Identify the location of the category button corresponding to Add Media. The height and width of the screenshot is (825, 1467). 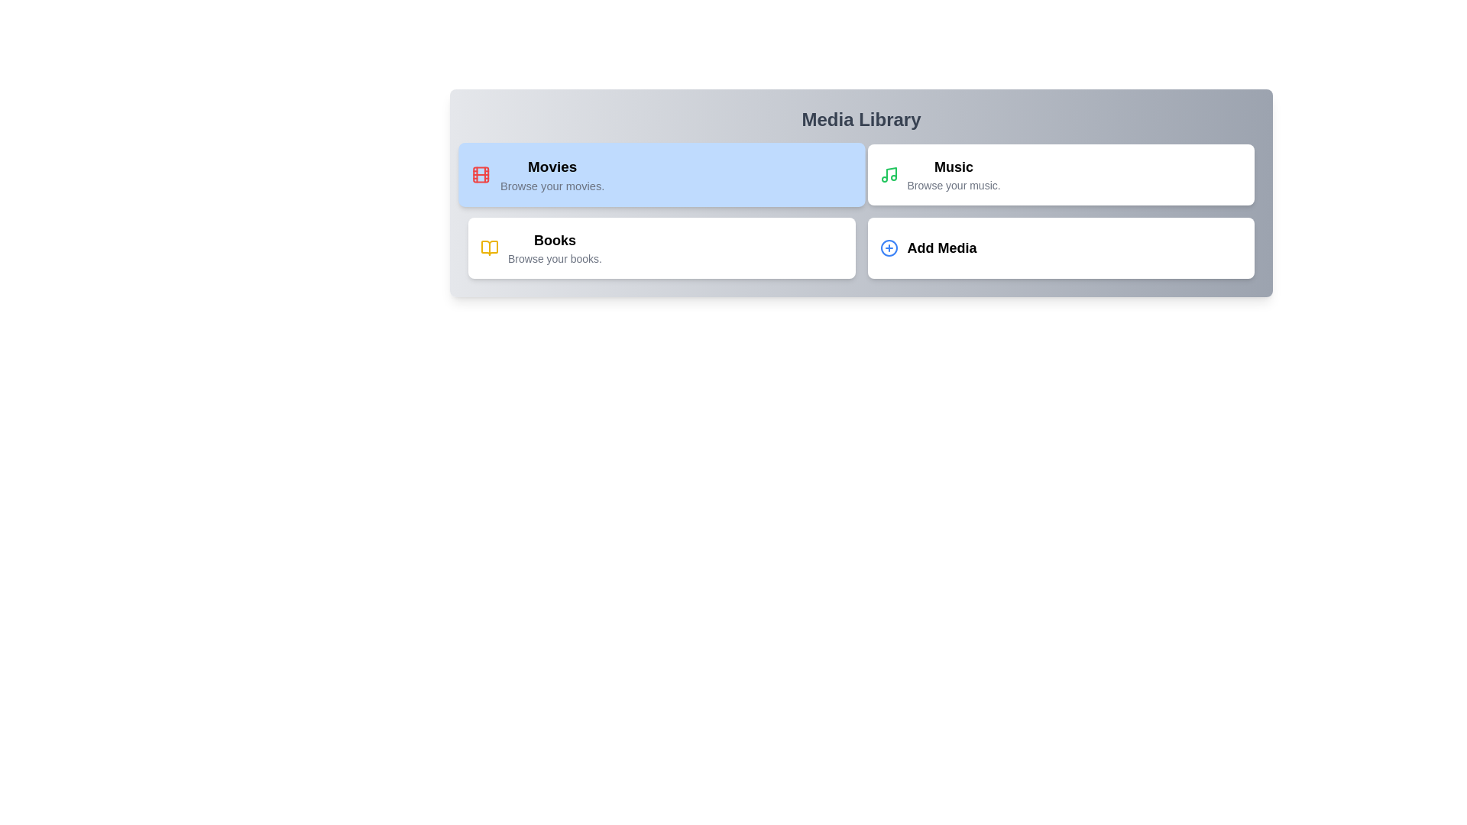
(1059, 247).